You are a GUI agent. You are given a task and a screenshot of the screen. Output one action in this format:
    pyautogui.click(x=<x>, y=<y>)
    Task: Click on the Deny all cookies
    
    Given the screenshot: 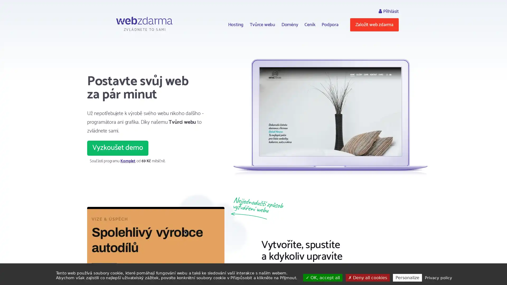 What is the action you would take?
    pyautogui.click(x=367, y=277)
    